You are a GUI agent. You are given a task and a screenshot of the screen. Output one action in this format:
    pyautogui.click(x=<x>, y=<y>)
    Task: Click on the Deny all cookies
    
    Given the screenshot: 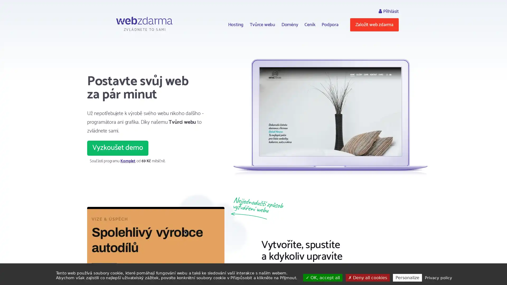 What is the action you would take?
    pyautogui.click(x=367, y=277)
    